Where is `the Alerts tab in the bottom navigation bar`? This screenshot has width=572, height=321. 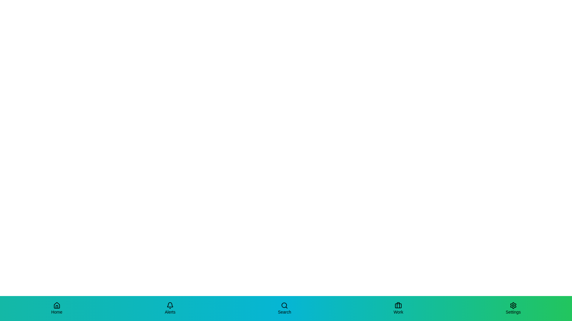 the Alerts tab in the bottom navigation bar is located at coordinates (170, 308).